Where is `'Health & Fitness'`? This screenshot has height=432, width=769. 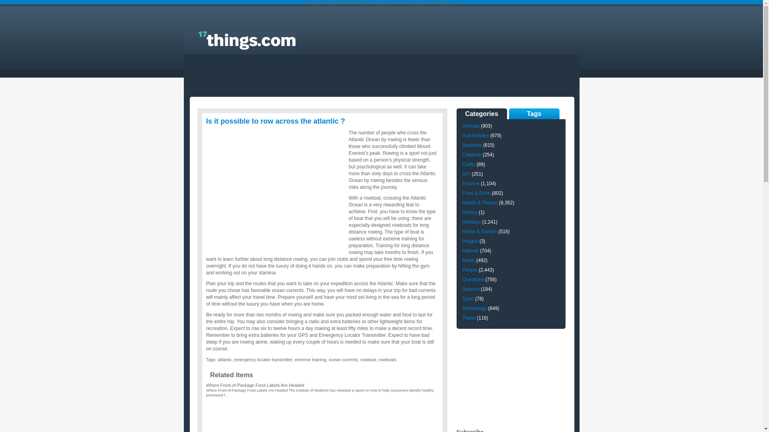 'Health & Fitness' is located at coordinates (480, 202).